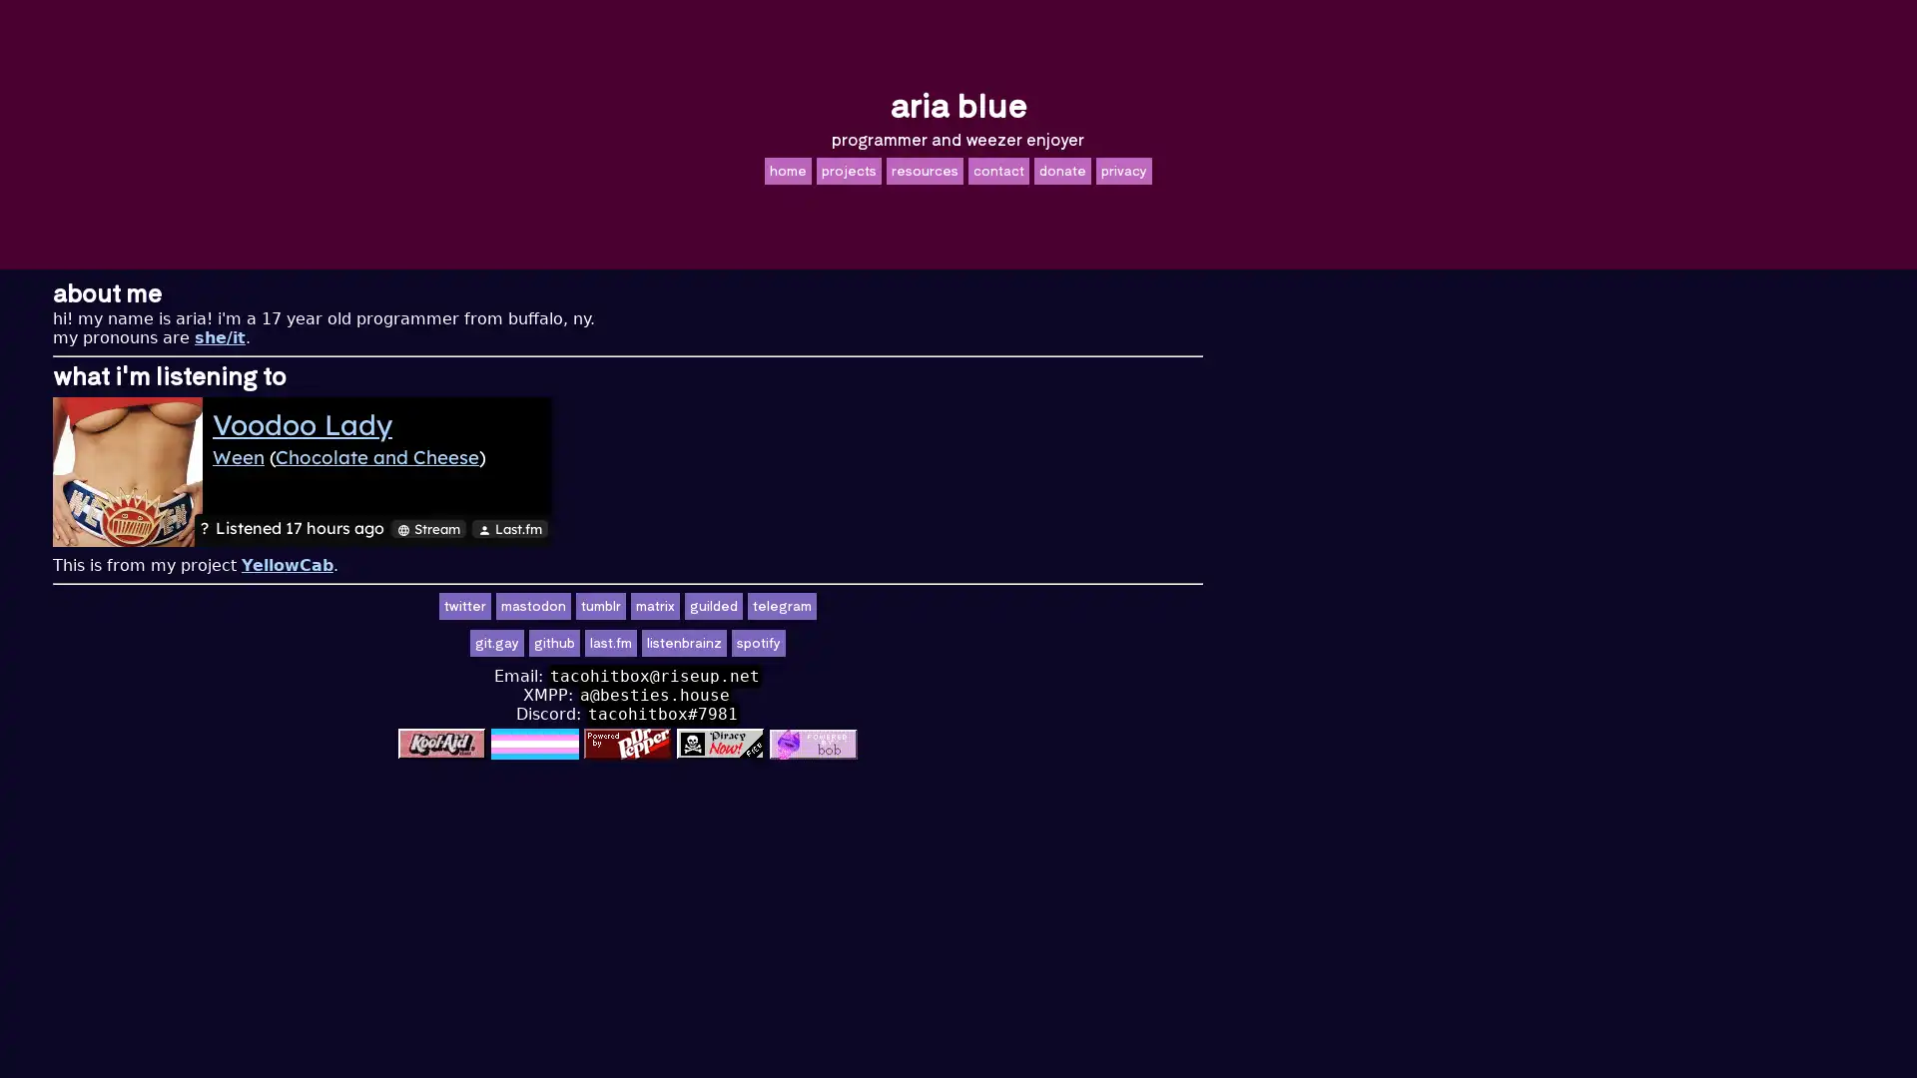 This screenshot has height=1078, width=1917. Describe the element at coordinates (884, 643) in the screenshot. I see `github` at that location.